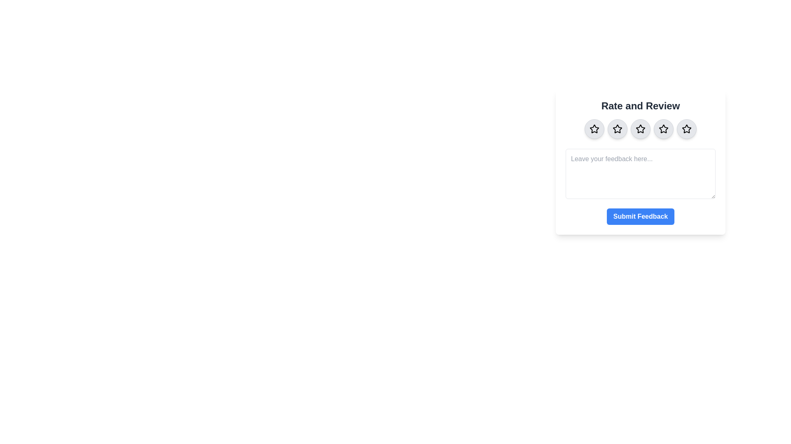 The height and width of the screenshot is (444, 791). I want to click on the fourth hollow star icon in the sequence of five star rating icons located at the top center of the feedback section, so click(663, 128).